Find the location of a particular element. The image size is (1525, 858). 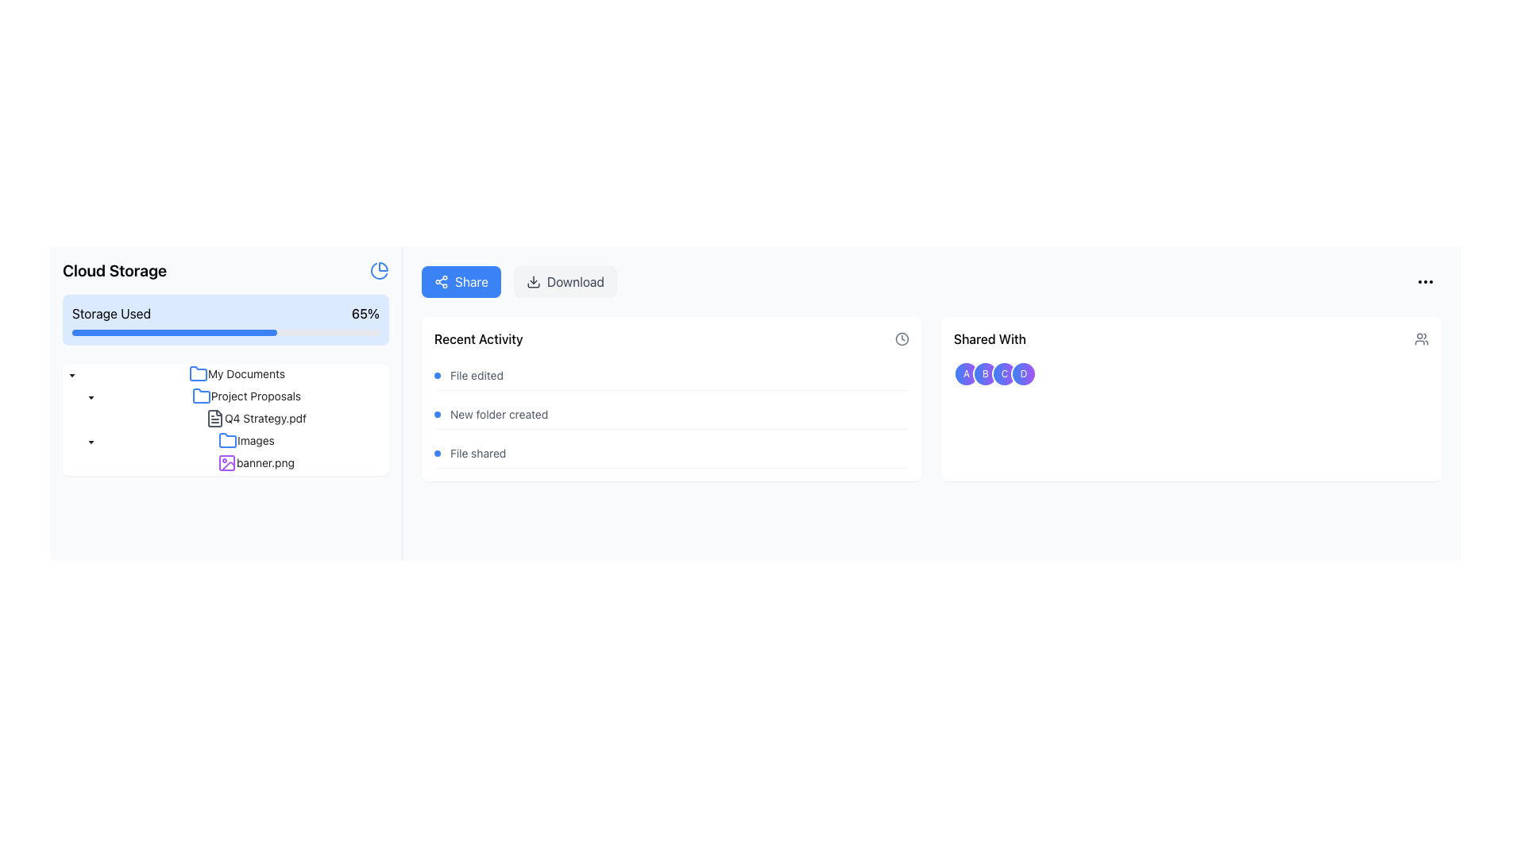

the ellipsis menu icon consisting of three horizontally aligned dots is located at coordinates (1426, 280).